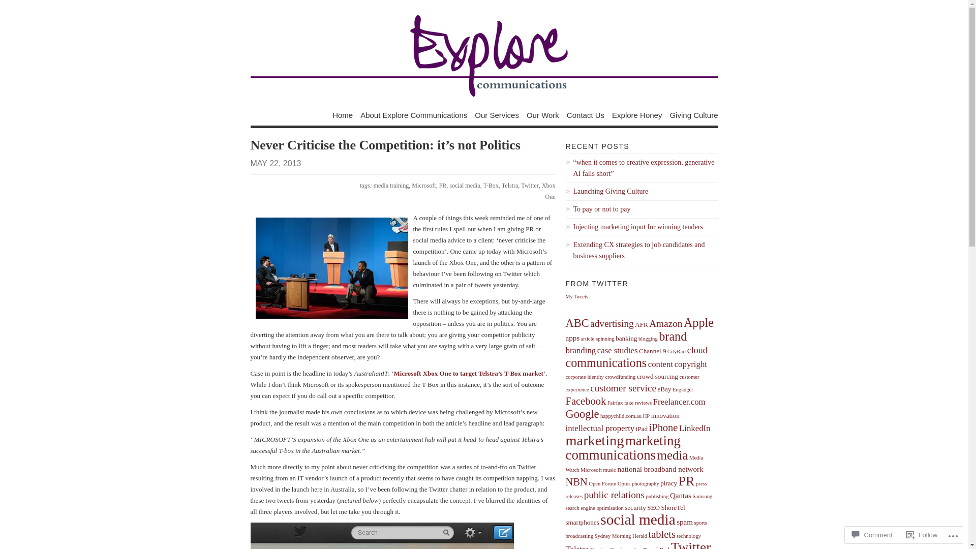 The image size is (976, 549). I want to click on 'Our Services', so click(497, 114).